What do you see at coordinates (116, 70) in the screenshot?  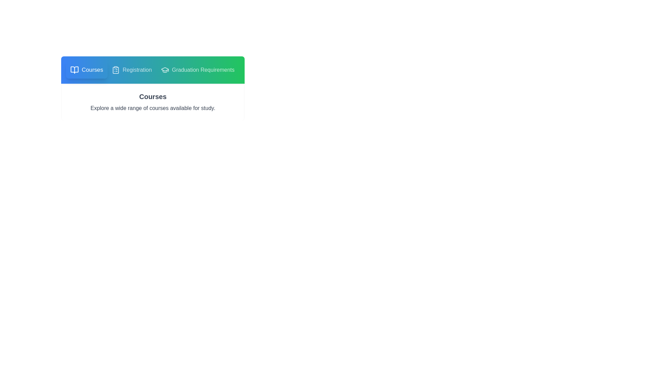 I see `the icon of the Registration tab` at bounding box center [116, 70].